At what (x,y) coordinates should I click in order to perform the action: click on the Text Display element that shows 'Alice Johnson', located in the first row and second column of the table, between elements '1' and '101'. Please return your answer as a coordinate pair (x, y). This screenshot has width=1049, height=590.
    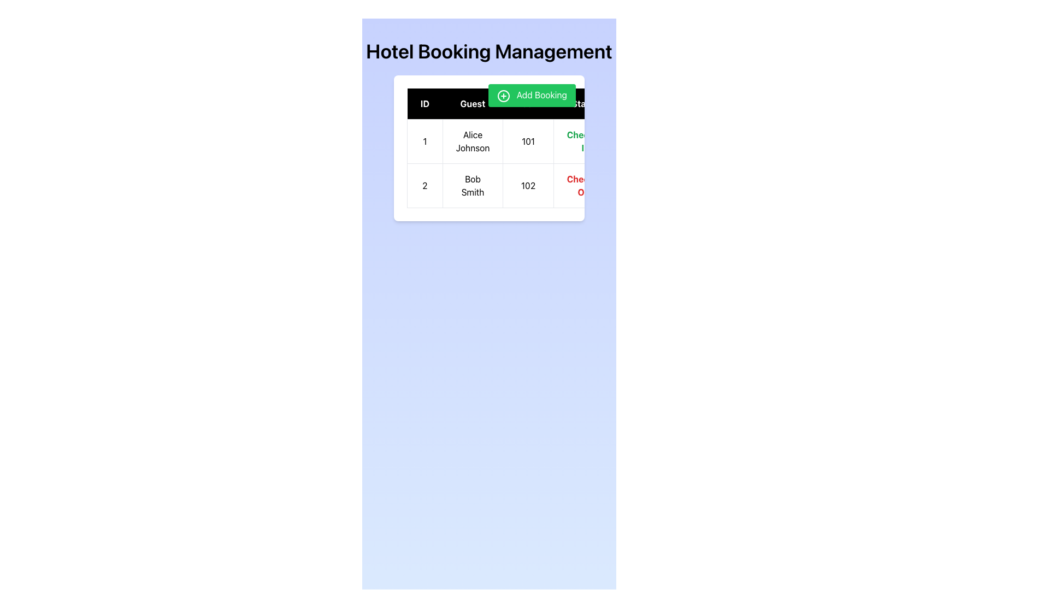
    Looking at the image, I should click on (473, 140).